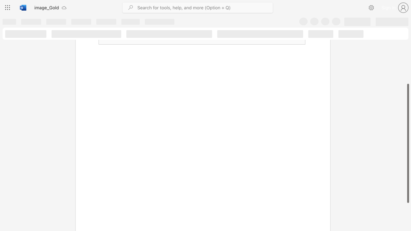 The height and width of the screenshot is (231, 411). Describe the element at coordinates (407, 143) in the screenshot. I see `the scrollbar and move down 100 pixels` at that location.